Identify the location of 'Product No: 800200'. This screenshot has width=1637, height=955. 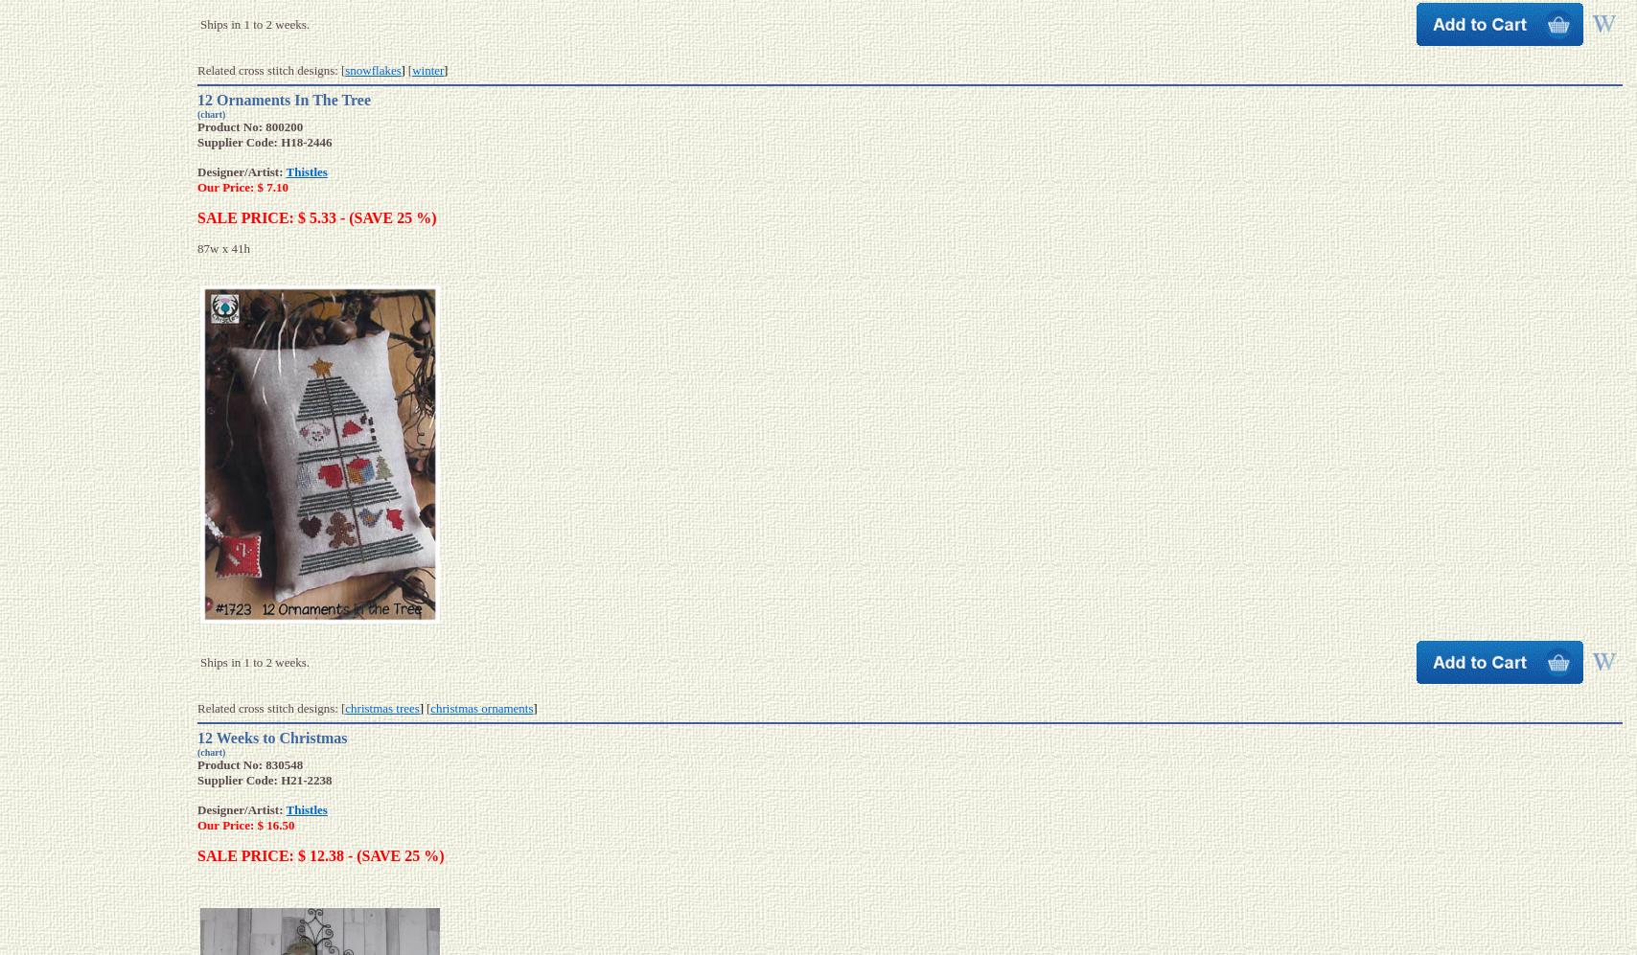
(249, 125).